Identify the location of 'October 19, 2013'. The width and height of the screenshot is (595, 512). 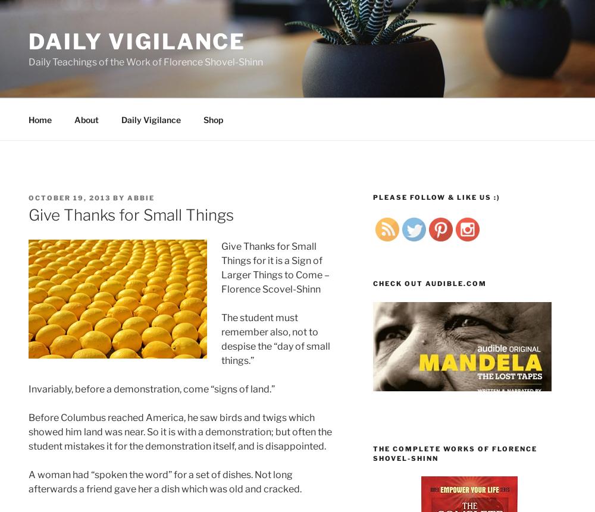
(69, 197).